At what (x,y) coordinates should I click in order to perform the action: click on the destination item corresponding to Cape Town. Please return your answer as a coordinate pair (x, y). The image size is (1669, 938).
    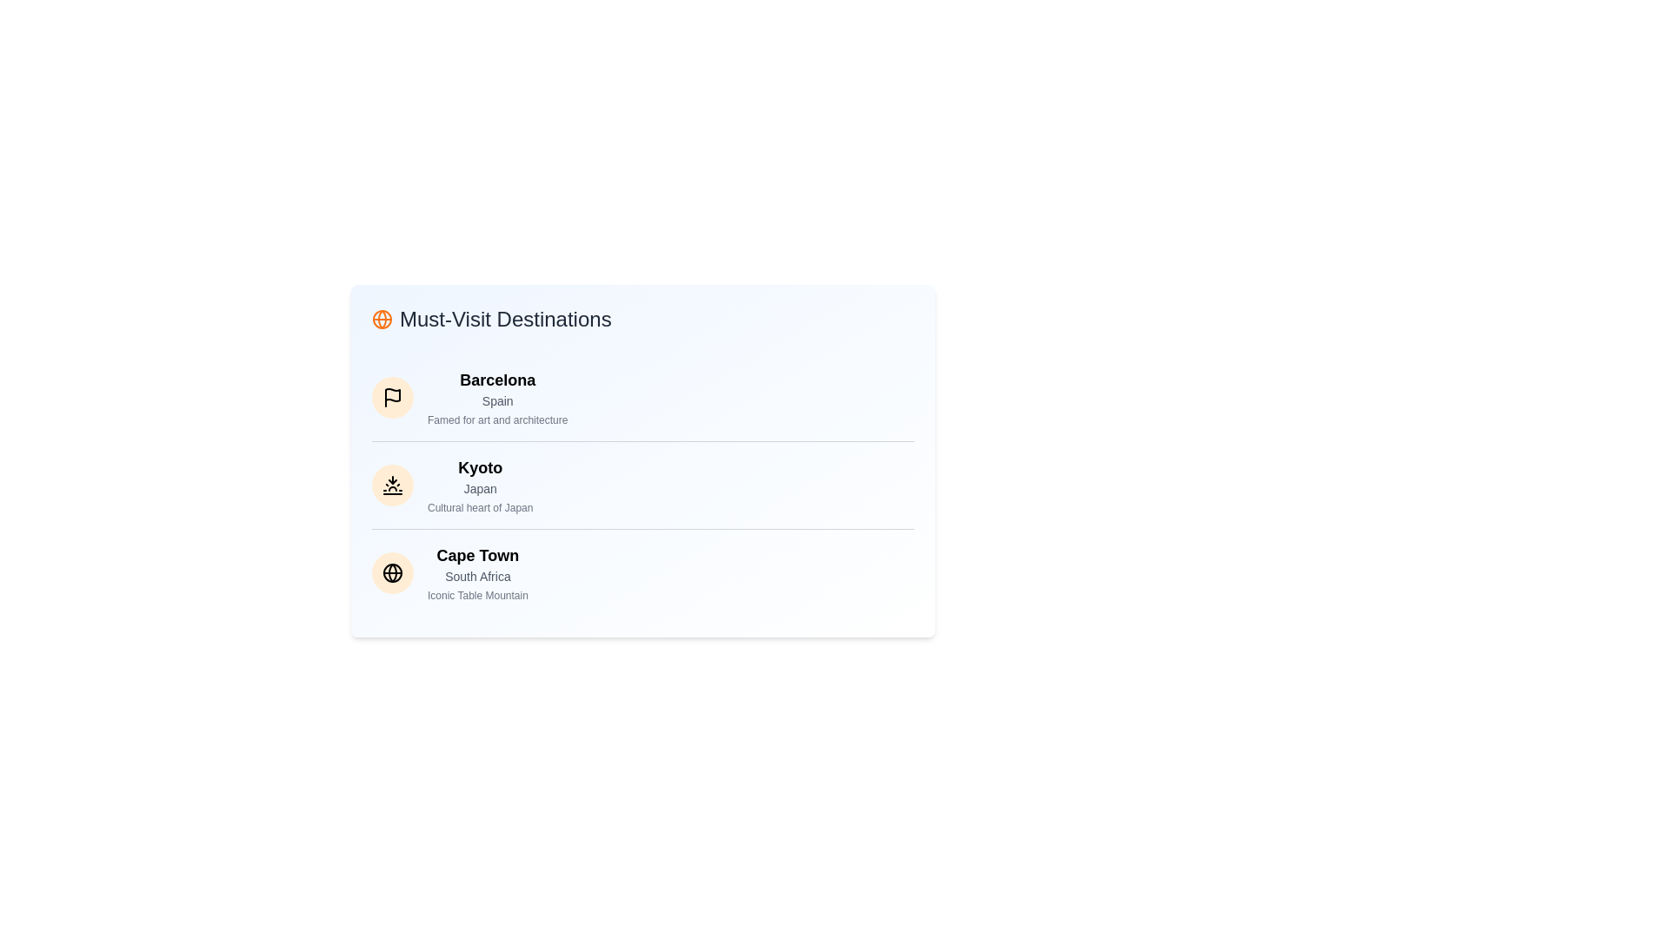
    Looking at the image, I should click on (391, 572).